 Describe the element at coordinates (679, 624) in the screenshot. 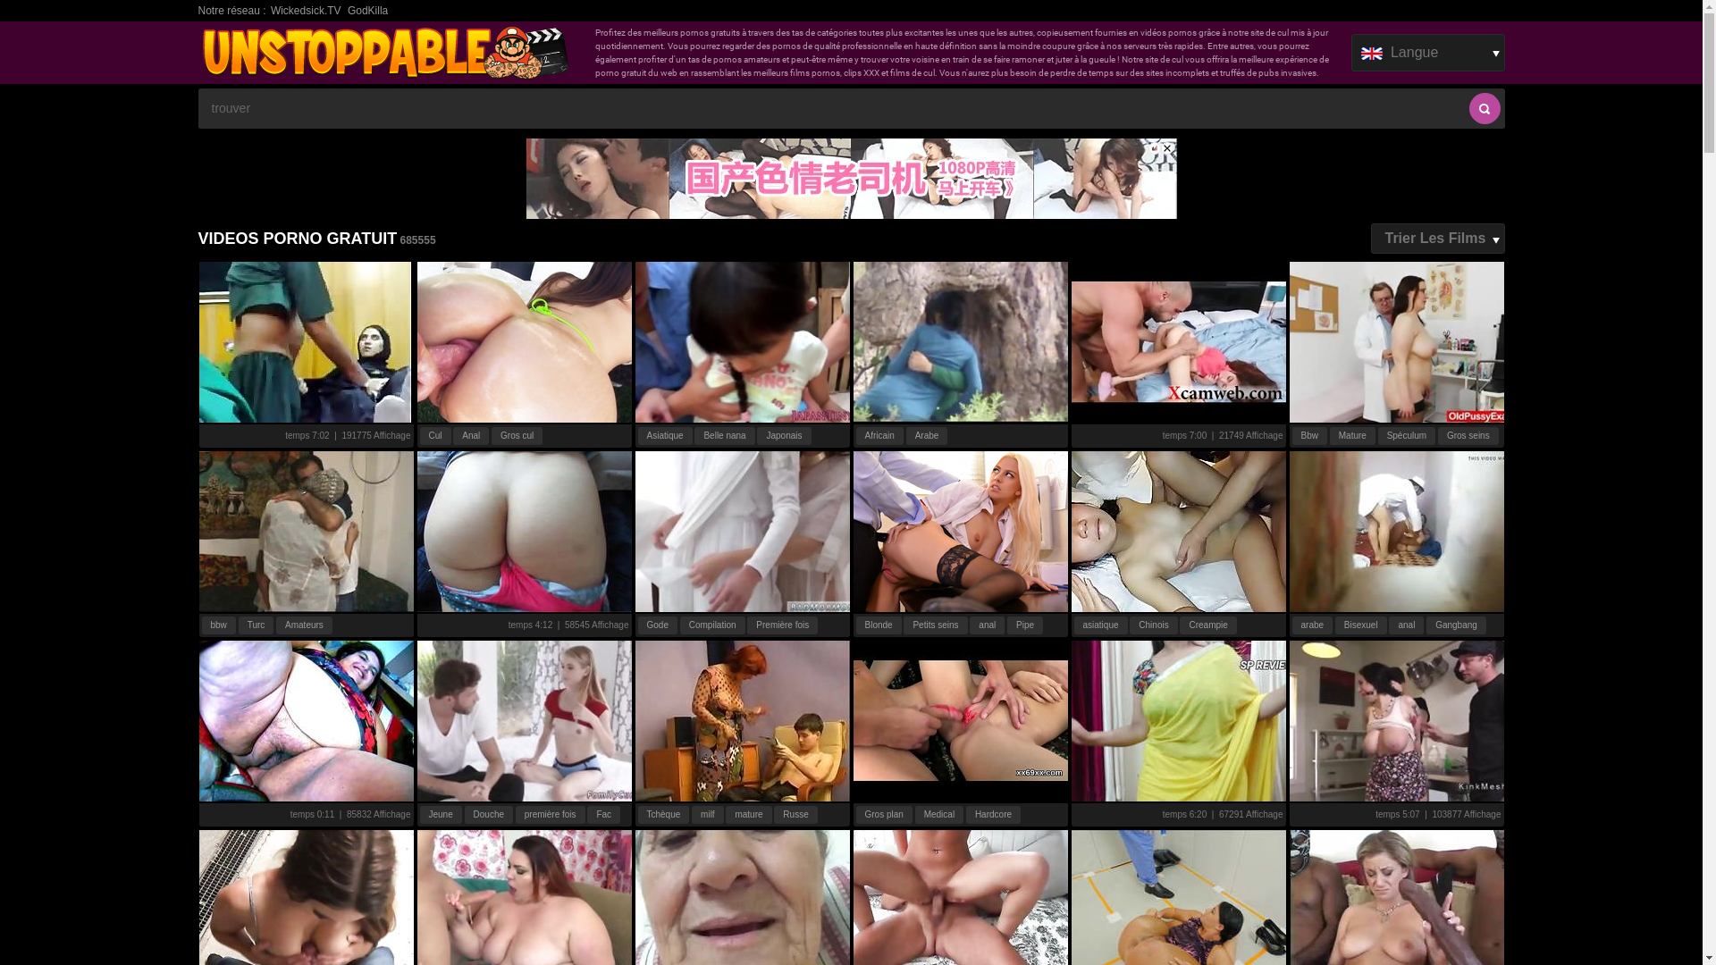

I see `'Compilation'` at that location.